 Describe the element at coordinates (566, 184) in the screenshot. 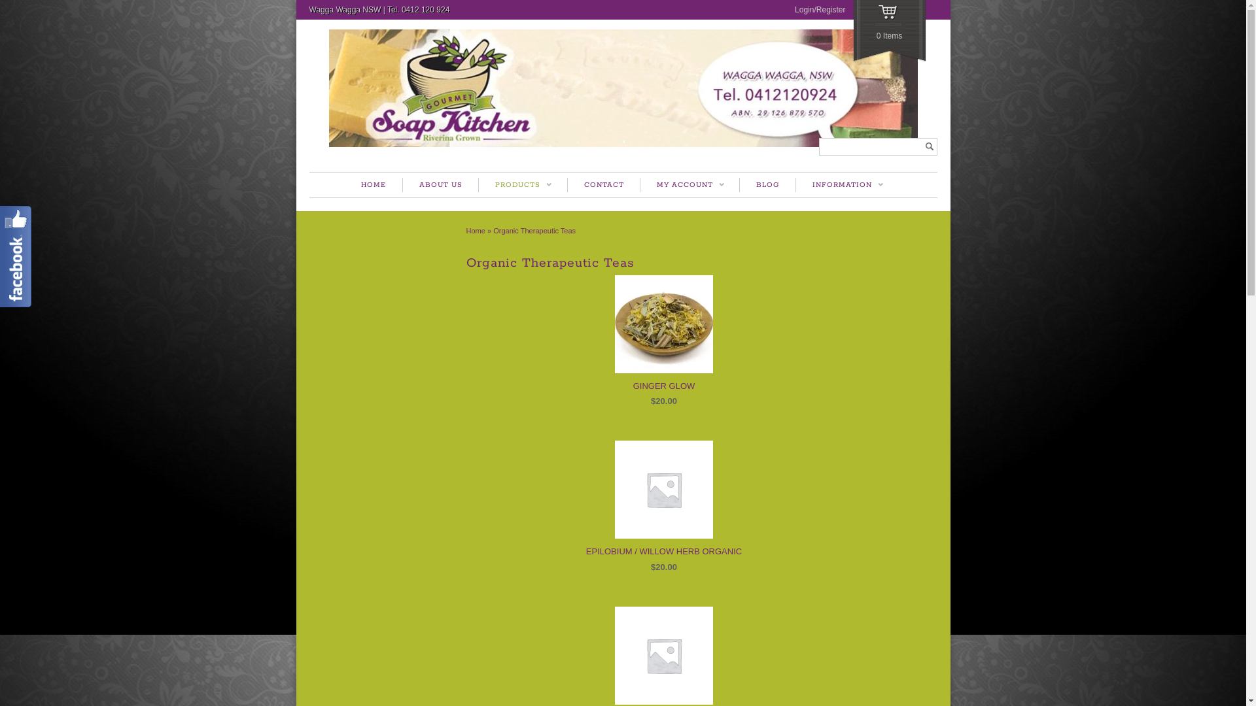

I see `'CONTACT'` at that location.